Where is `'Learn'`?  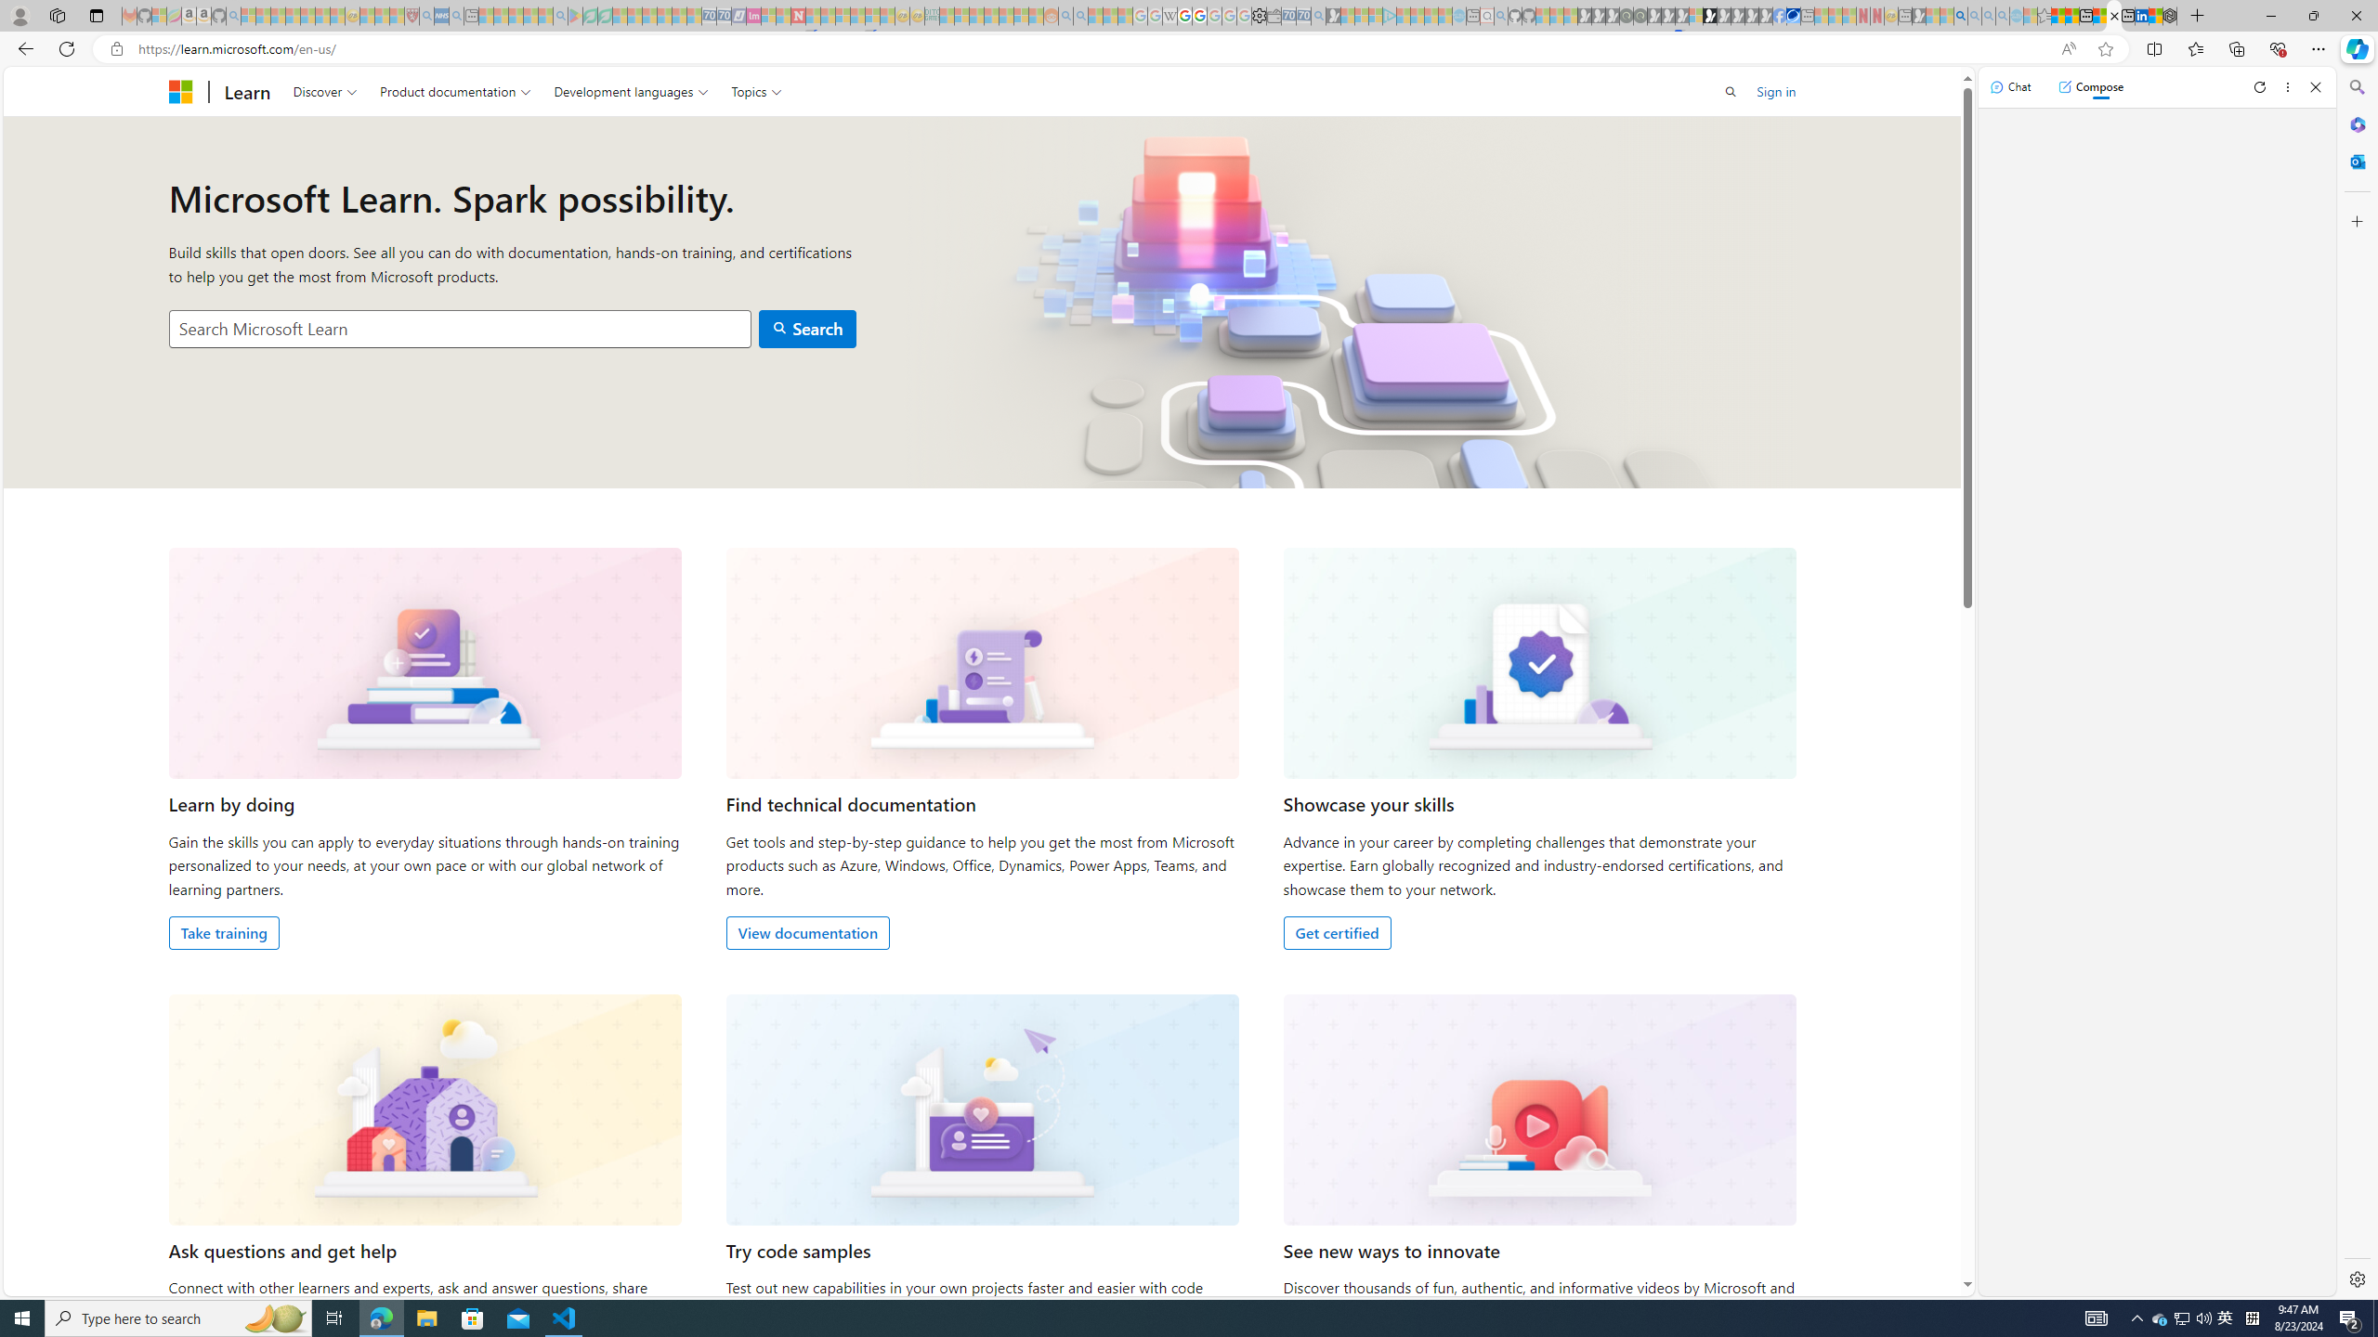 'Learn' is located at coordinates (246, 90).